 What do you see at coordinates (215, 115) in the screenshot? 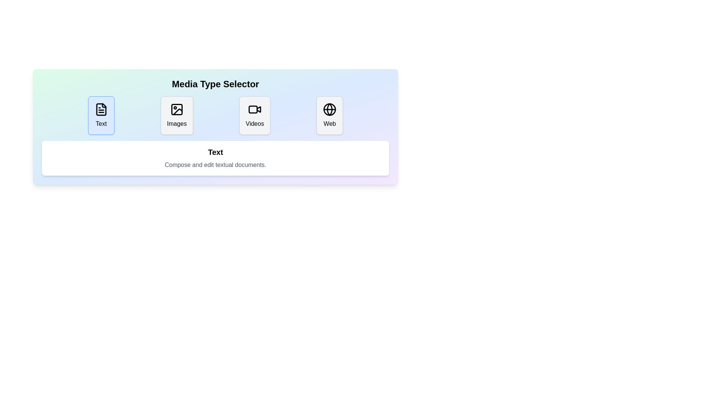
I see `the button in the 'Media Type Selector' group` at bounding box center [215, 115].